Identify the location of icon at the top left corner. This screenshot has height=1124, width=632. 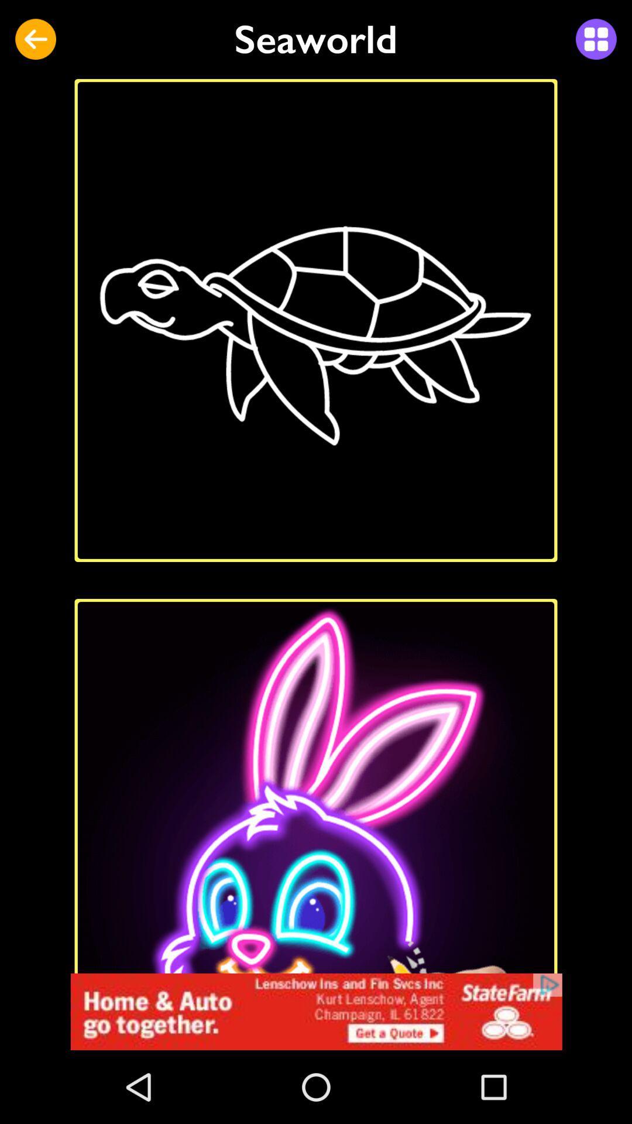
(35, 39).